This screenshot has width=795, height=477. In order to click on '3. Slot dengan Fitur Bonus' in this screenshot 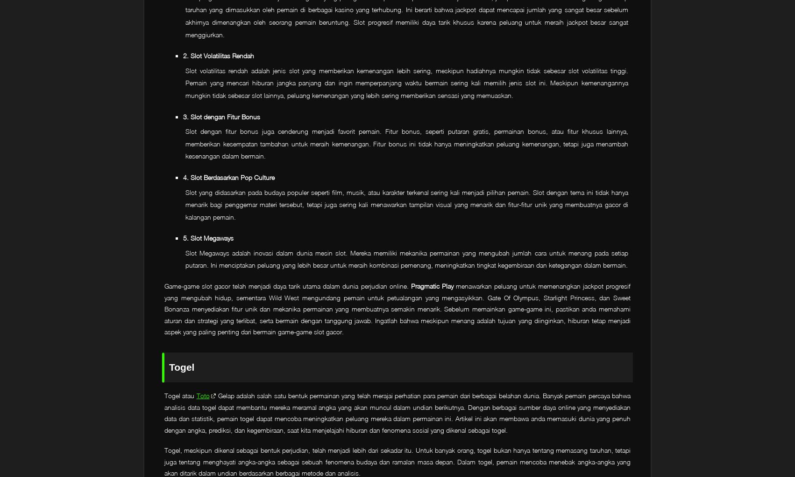, I will do `click(221, 116)`.